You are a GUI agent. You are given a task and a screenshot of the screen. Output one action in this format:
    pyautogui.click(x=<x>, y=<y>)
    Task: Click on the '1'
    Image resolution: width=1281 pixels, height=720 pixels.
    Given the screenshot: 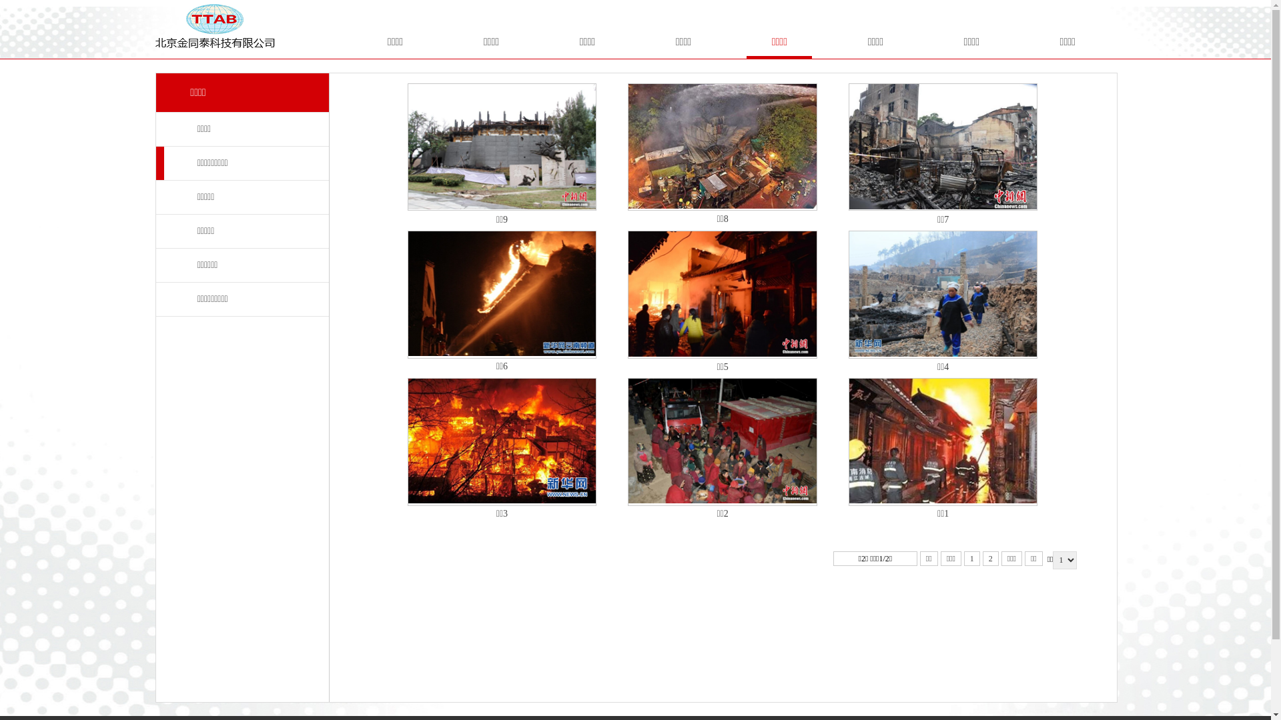 What is the action you would take?
    pyautogui.click(x=972, y=558)
    